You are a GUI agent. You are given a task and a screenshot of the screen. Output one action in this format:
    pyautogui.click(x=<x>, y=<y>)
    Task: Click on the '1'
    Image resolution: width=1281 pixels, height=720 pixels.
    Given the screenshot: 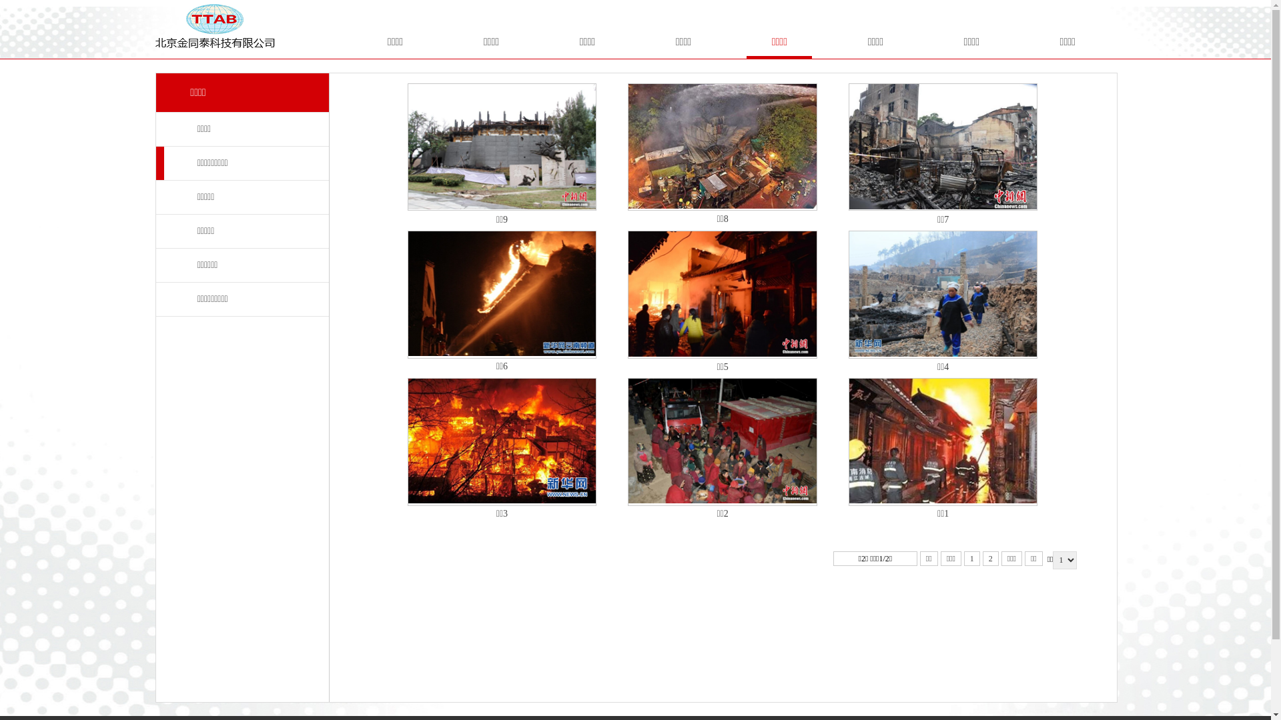 What is the action you would take?
    pyautogui.click(x=972, y=558)
    